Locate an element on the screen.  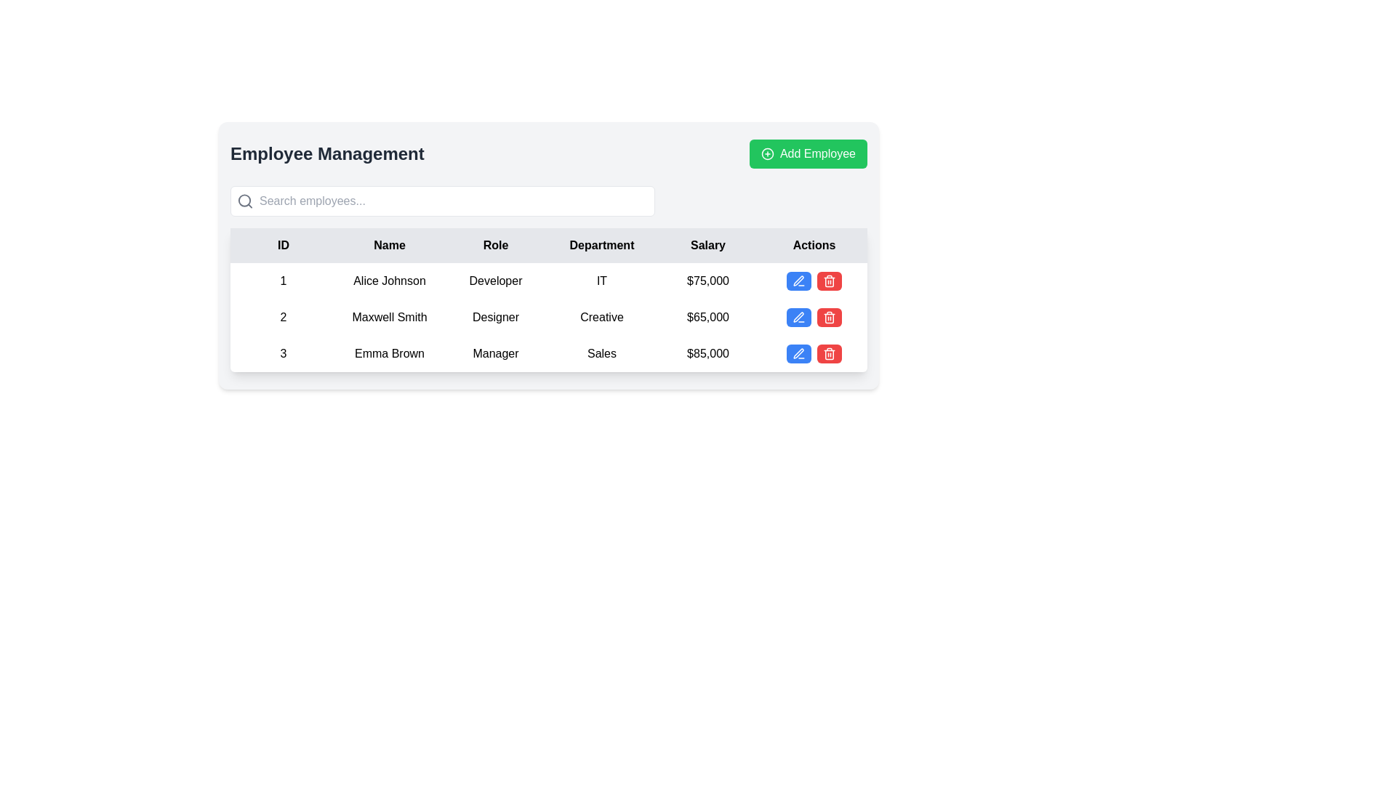
the small red button with a trashcan icon in the last column of the third row in the data table to change its background color is located at coordinates (830, 353).